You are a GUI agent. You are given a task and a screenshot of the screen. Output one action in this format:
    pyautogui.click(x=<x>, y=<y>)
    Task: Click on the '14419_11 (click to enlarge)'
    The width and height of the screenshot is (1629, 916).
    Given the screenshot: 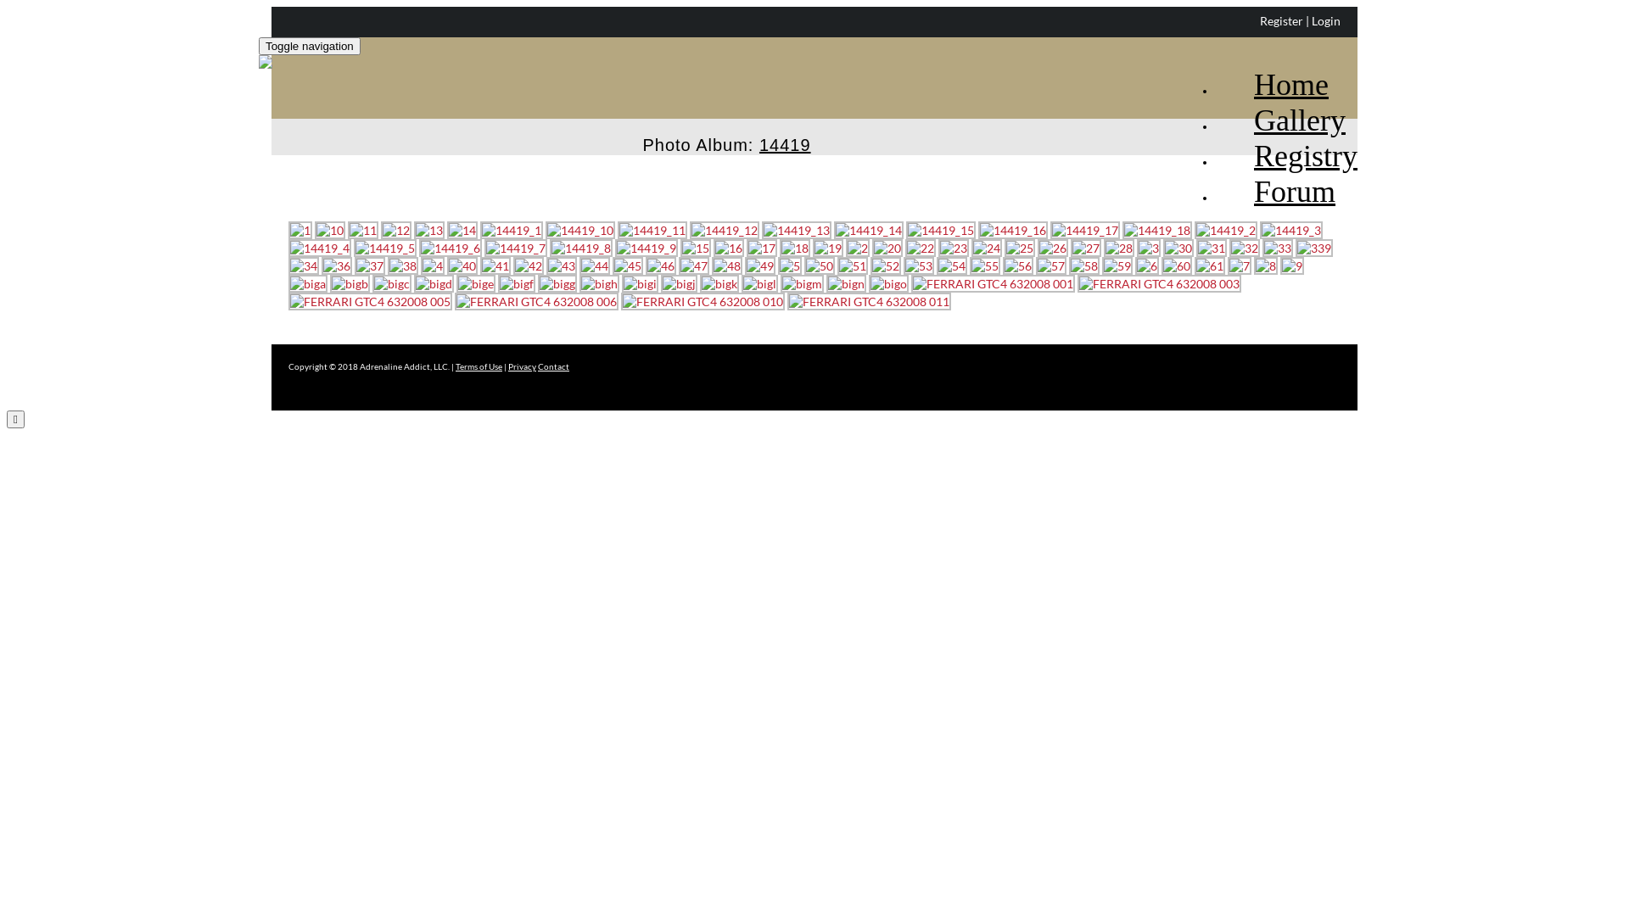 What is the action you would take?
    pyautogui.click(x=617, y=230)
    